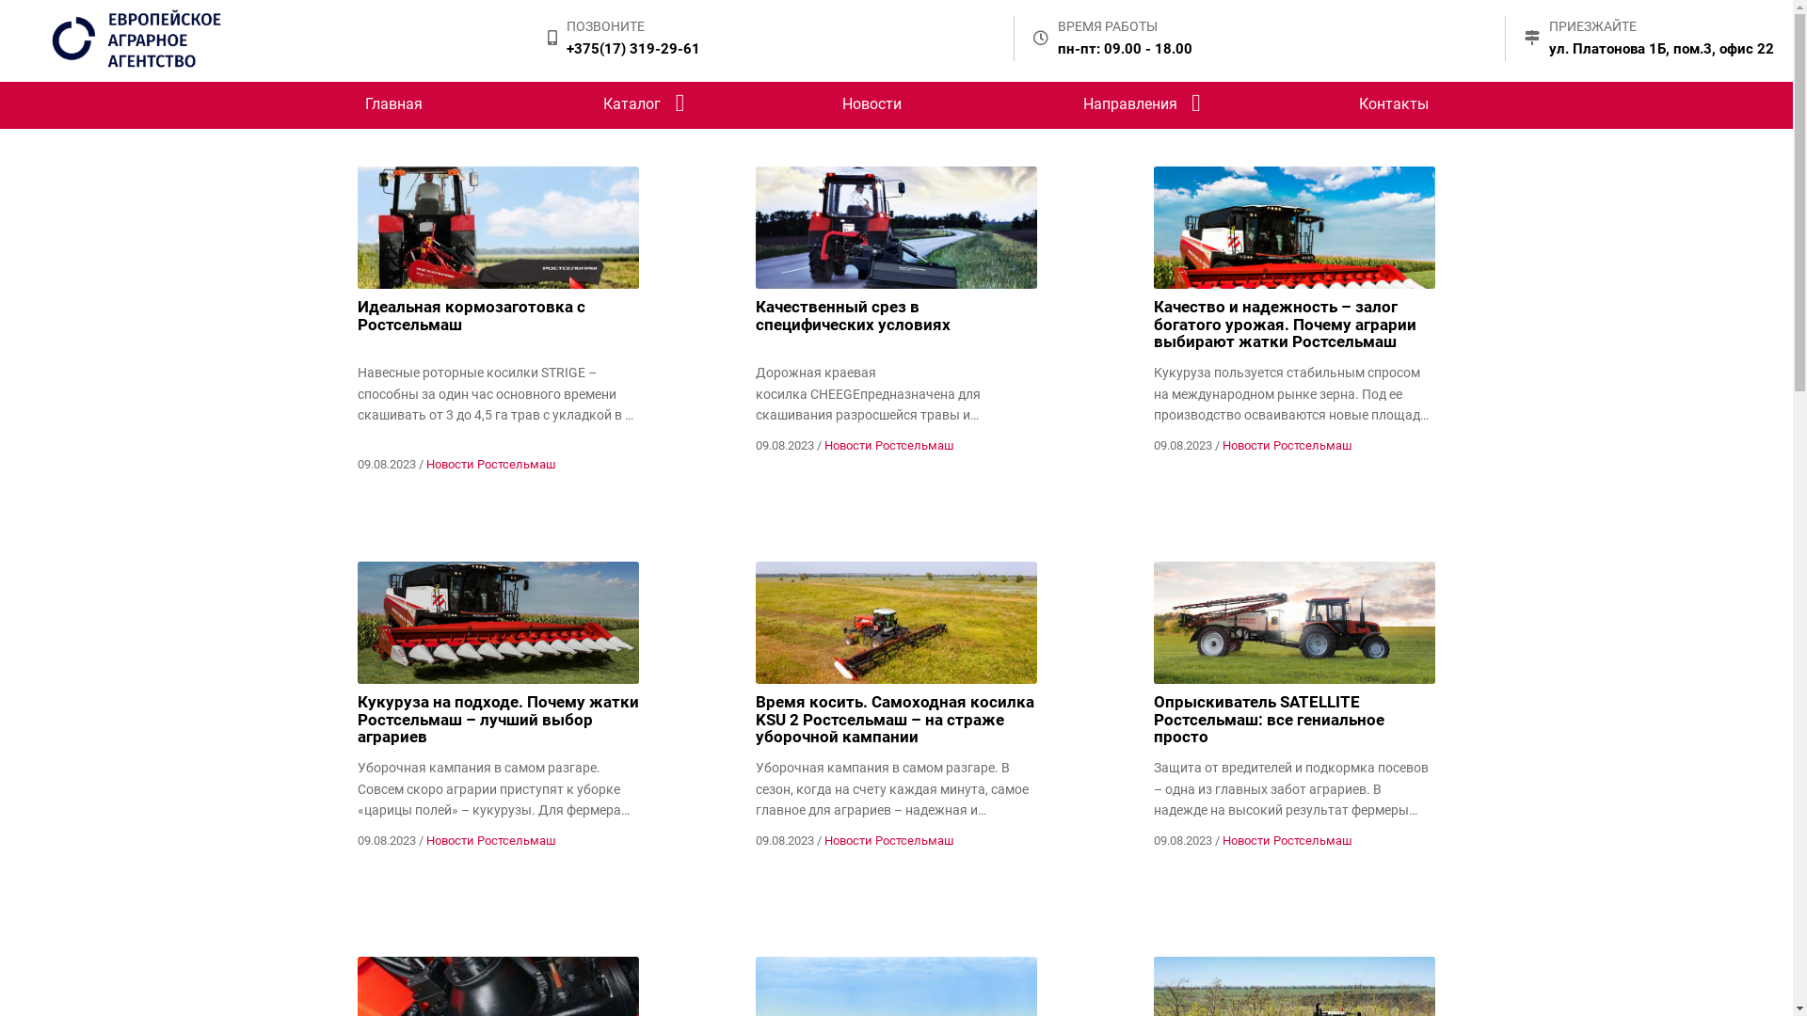 This screenshot has width=1807, height=1016. What do you see at coordinates (632, 47) in the screenshot?
I see `'+375(17) 319-29-61'` at bounding box center [632, 47].